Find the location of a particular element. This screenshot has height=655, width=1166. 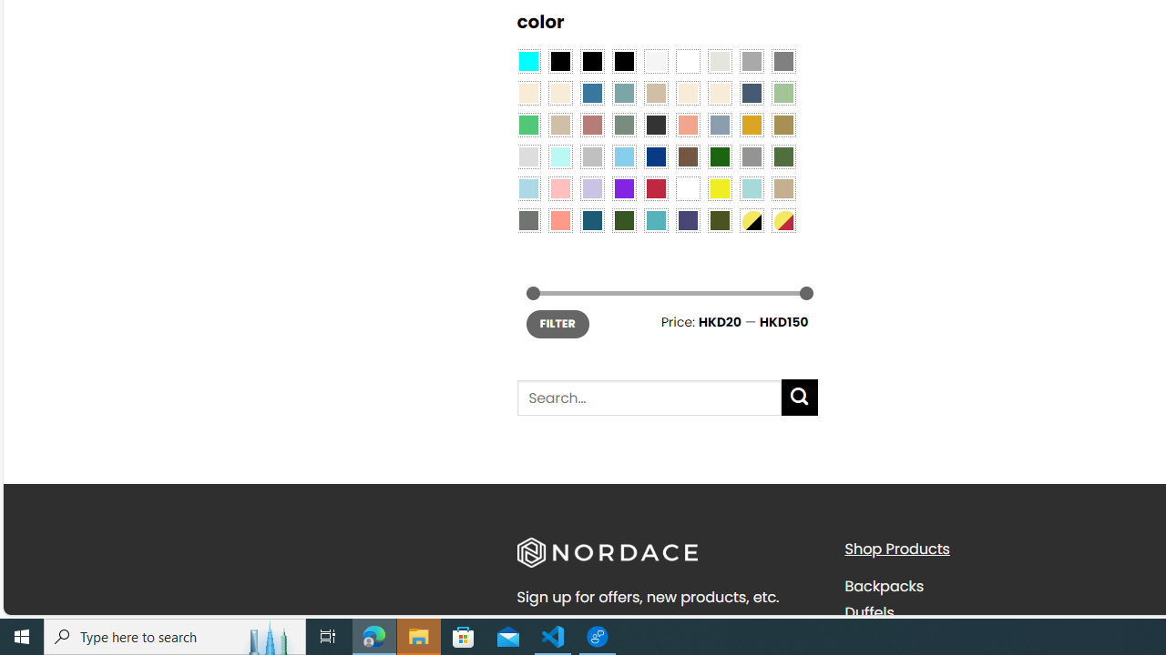

'Mint' is located at coordinates (559, 156).